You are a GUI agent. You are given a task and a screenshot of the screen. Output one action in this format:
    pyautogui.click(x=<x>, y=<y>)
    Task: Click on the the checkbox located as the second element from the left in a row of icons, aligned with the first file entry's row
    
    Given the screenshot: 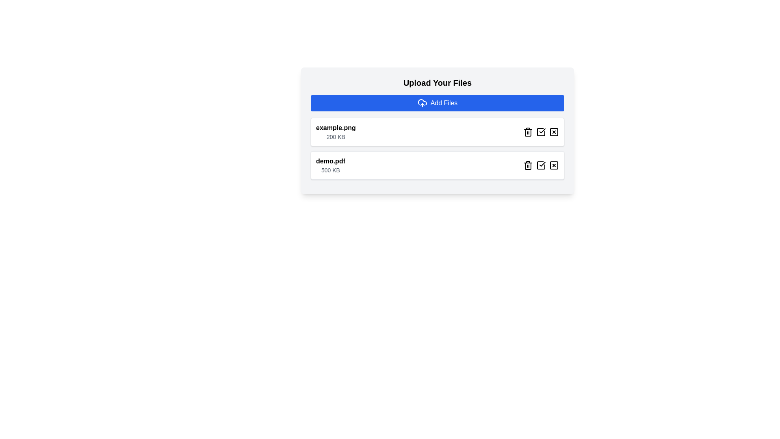 What is the action you would take?
    pyautogui.click(x=541, y=131)
    